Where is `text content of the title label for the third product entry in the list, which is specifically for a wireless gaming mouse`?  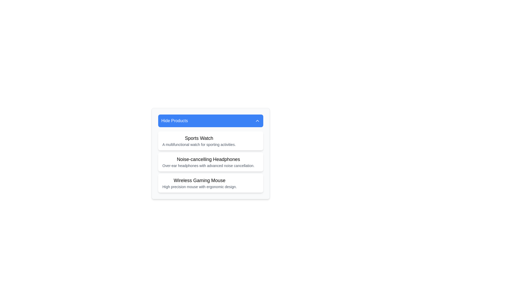
text content of the title label for the third product entry in the list, which is specifically for a wireless gaming mouse is located at coordinates (199, 180).